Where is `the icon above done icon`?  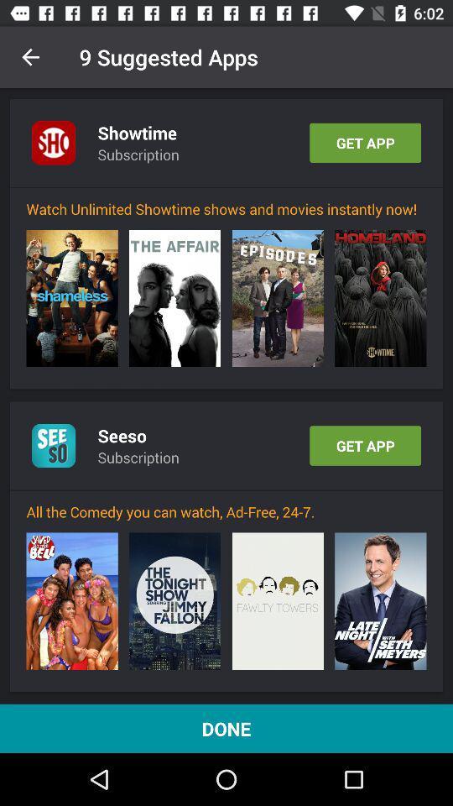 the icon above done icon is located at coordinates (174, 601).